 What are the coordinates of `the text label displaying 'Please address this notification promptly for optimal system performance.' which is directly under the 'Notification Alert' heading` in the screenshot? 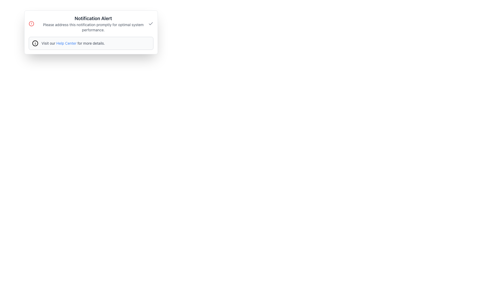 It's located at (93, 27).